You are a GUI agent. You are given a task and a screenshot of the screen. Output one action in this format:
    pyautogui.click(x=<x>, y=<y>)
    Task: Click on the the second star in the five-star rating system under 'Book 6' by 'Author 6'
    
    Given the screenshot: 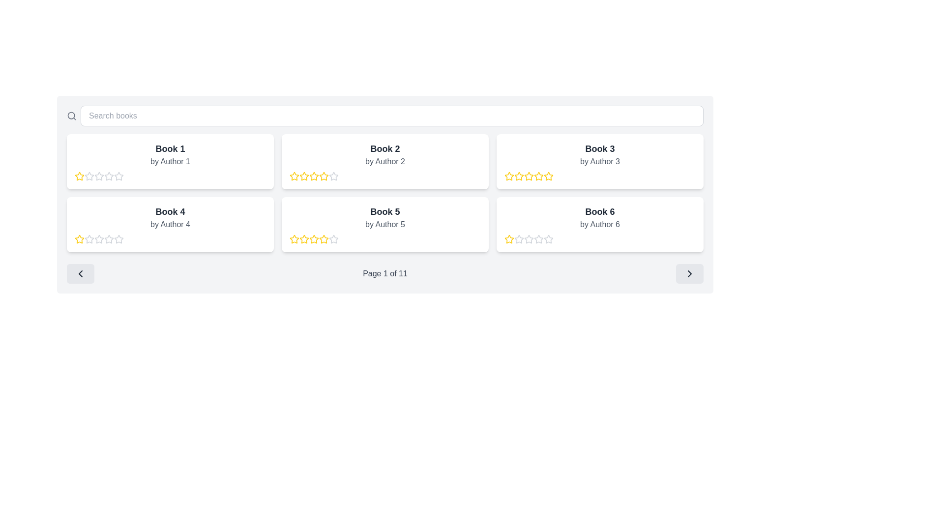 What is the action you would take?
    pyautogui.click(x=538, y=239)
    